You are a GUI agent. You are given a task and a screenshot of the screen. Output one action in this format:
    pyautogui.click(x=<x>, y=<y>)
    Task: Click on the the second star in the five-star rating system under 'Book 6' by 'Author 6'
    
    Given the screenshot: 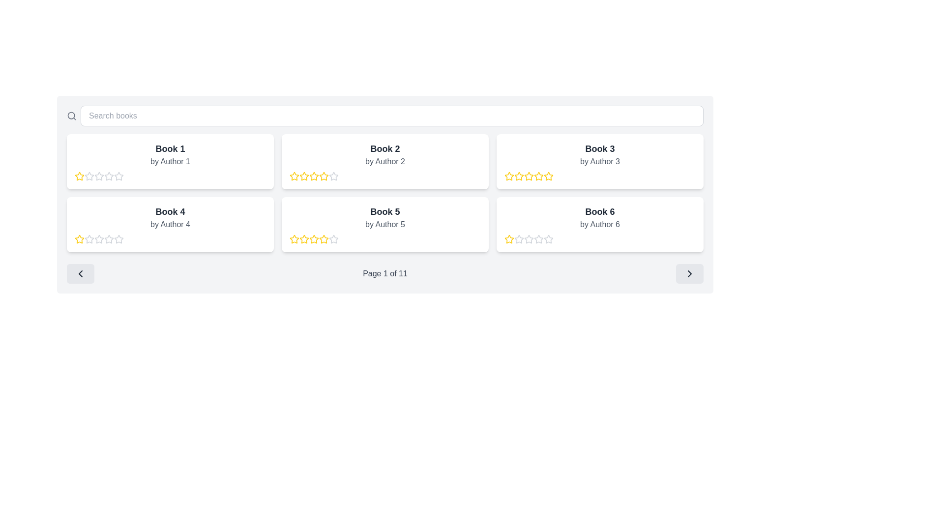 What is the action you would take?
    pyautogui.click(x=538, y=239)
    